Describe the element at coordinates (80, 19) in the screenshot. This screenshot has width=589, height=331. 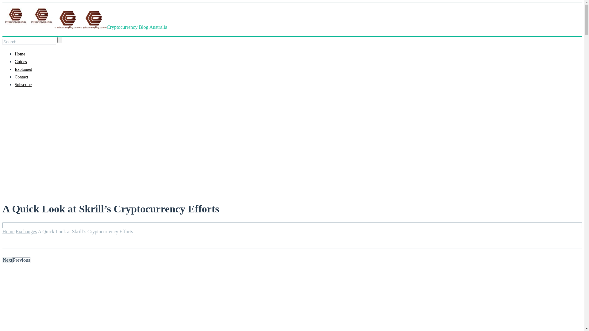
I see `'Cryptocurrency Blog Australia'` at that location.